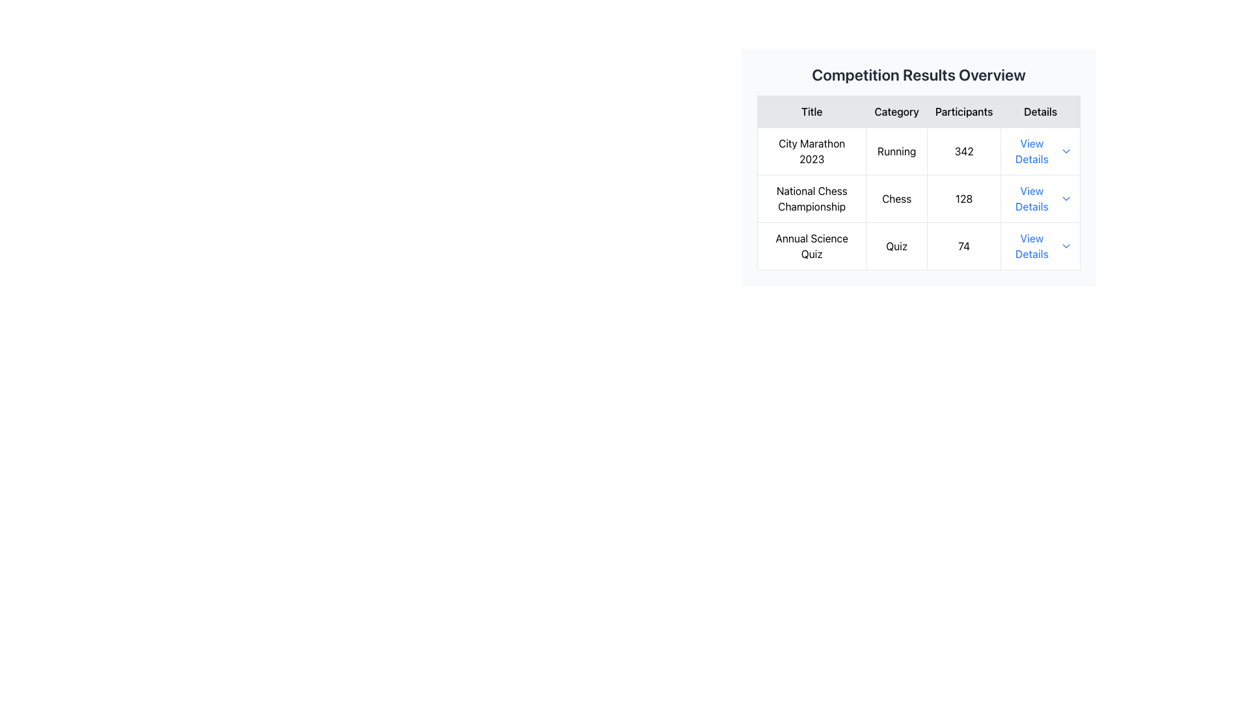  What do you see at coordinates (1040, 198) in the screenshot?
I see `the interactive button in the 'Details' column of the 'National Chess Championship' row` at bounding box center [1040, 198].